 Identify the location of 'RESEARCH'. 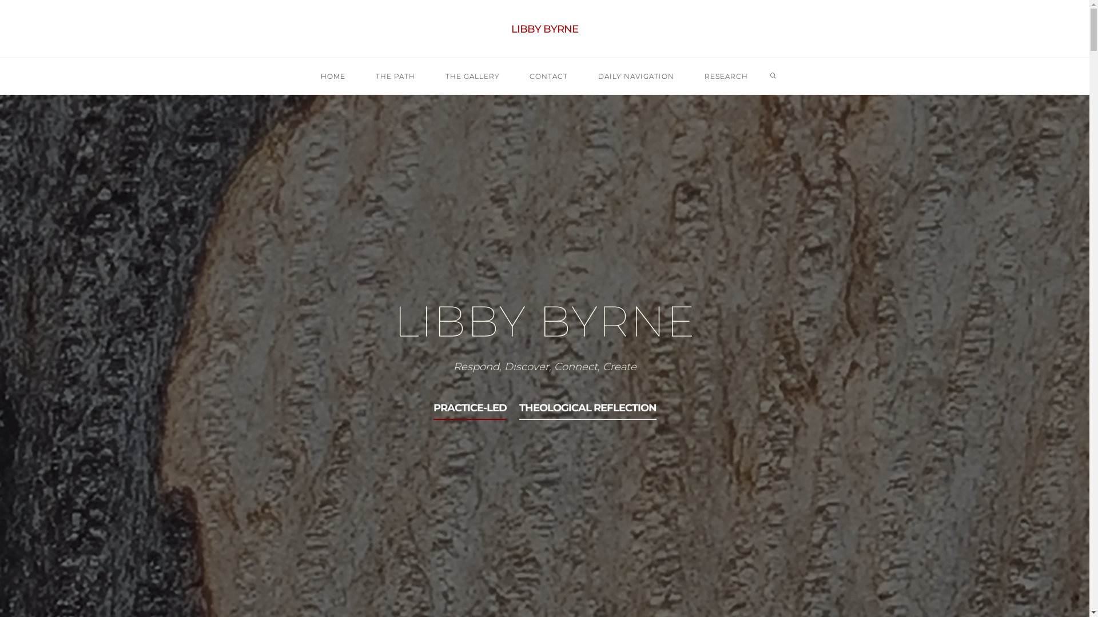
(726, 76).